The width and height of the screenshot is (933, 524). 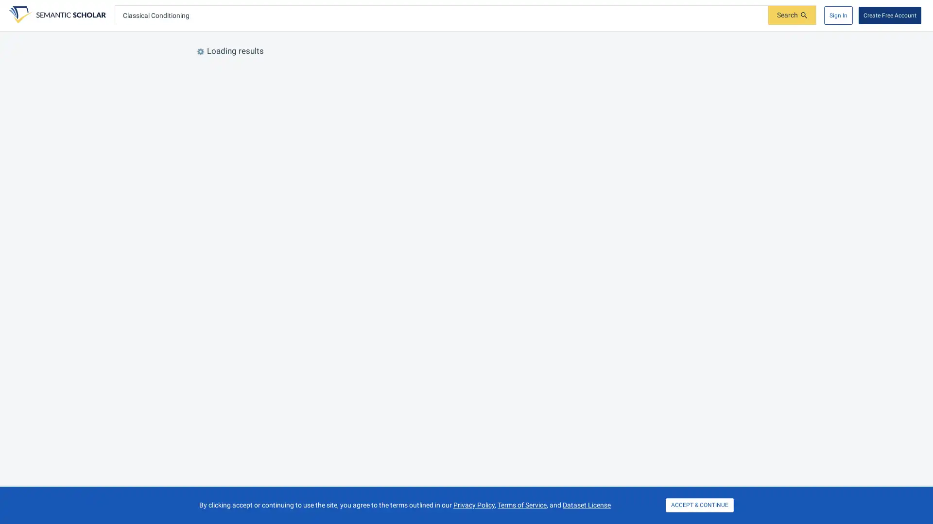 I want to click on Turn on email alert for this paper, so click(x=350, y=342).